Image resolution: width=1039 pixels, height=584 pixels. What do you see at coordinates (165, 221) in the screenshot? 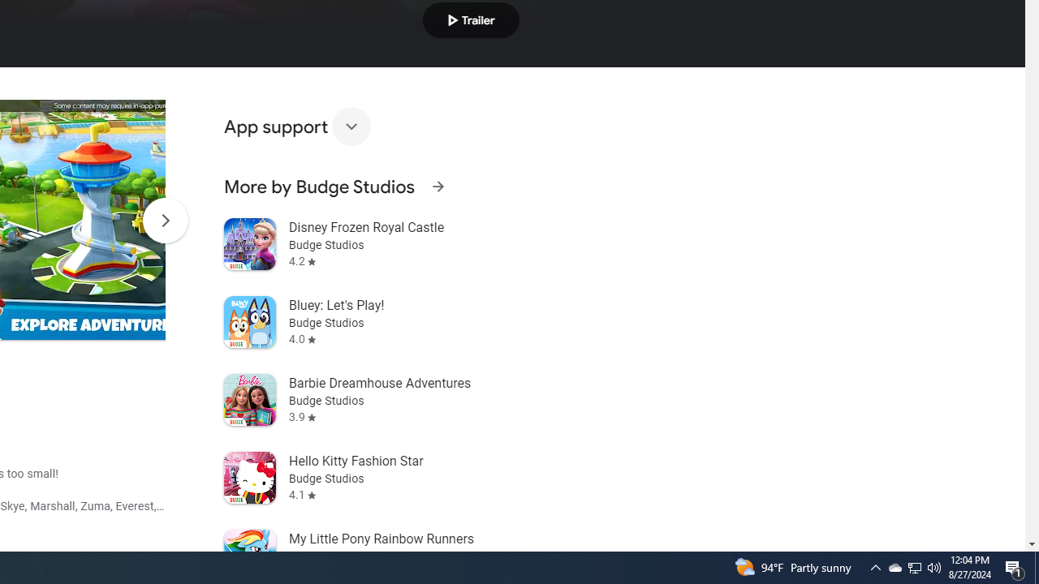
I see `'Scroll Next'` at bounding box center [165, 221].